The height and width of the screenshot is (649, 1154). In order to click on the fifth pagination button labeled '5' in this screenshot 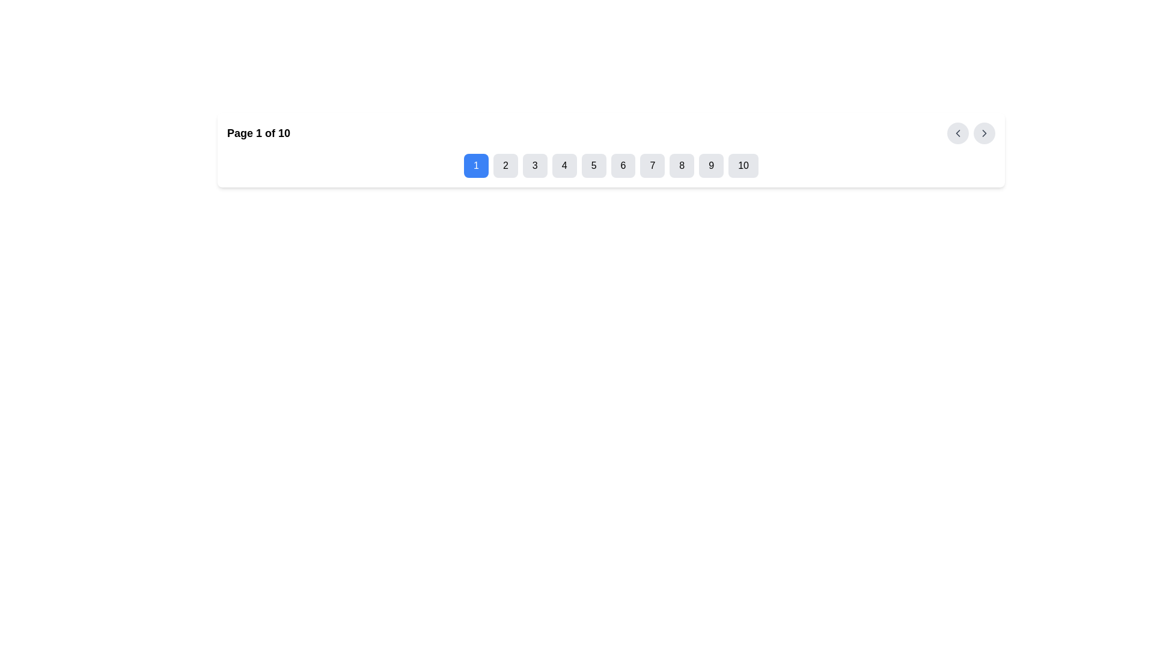, I will do `click(594, 166)`.